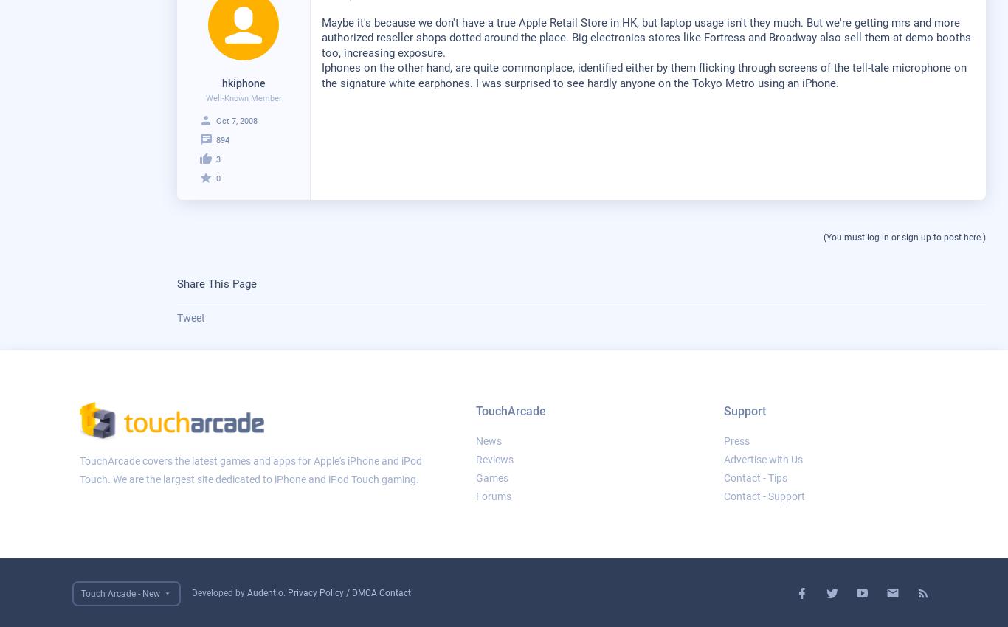 The image size is (1008, 627). What do you see at coordinates (284, 592) in the screenshot?
I see `'.'` at bounding box center [284, 592].